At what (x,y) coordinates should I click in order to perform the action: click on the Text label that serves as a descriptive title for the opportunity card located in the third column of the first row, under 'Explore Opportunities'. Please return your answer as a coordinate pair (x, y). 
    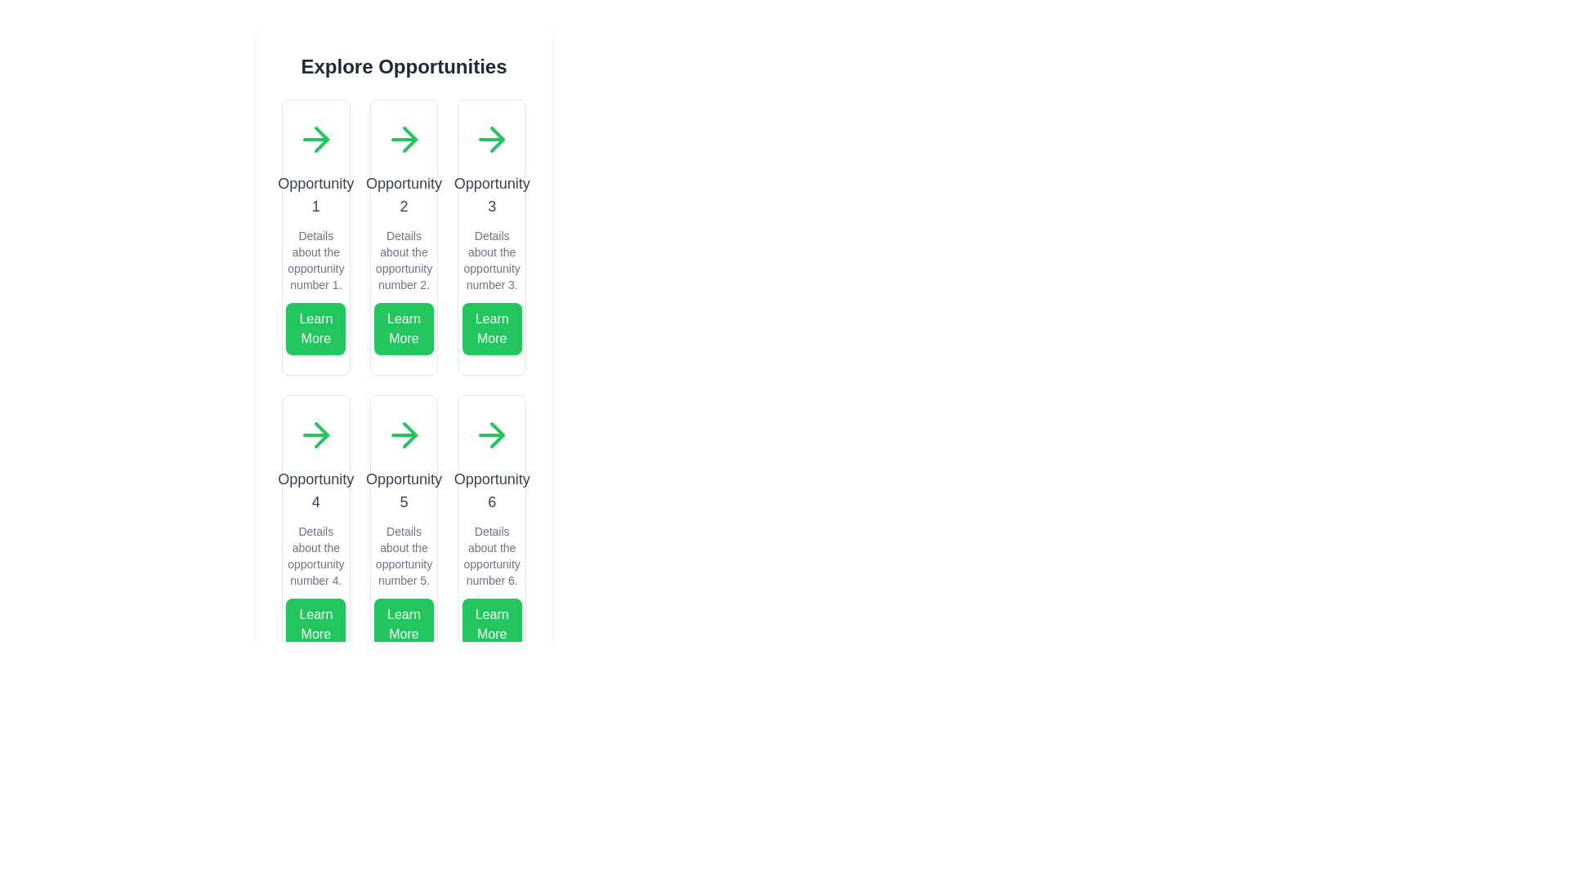
    Looking at the image, I should click on (491, 194).